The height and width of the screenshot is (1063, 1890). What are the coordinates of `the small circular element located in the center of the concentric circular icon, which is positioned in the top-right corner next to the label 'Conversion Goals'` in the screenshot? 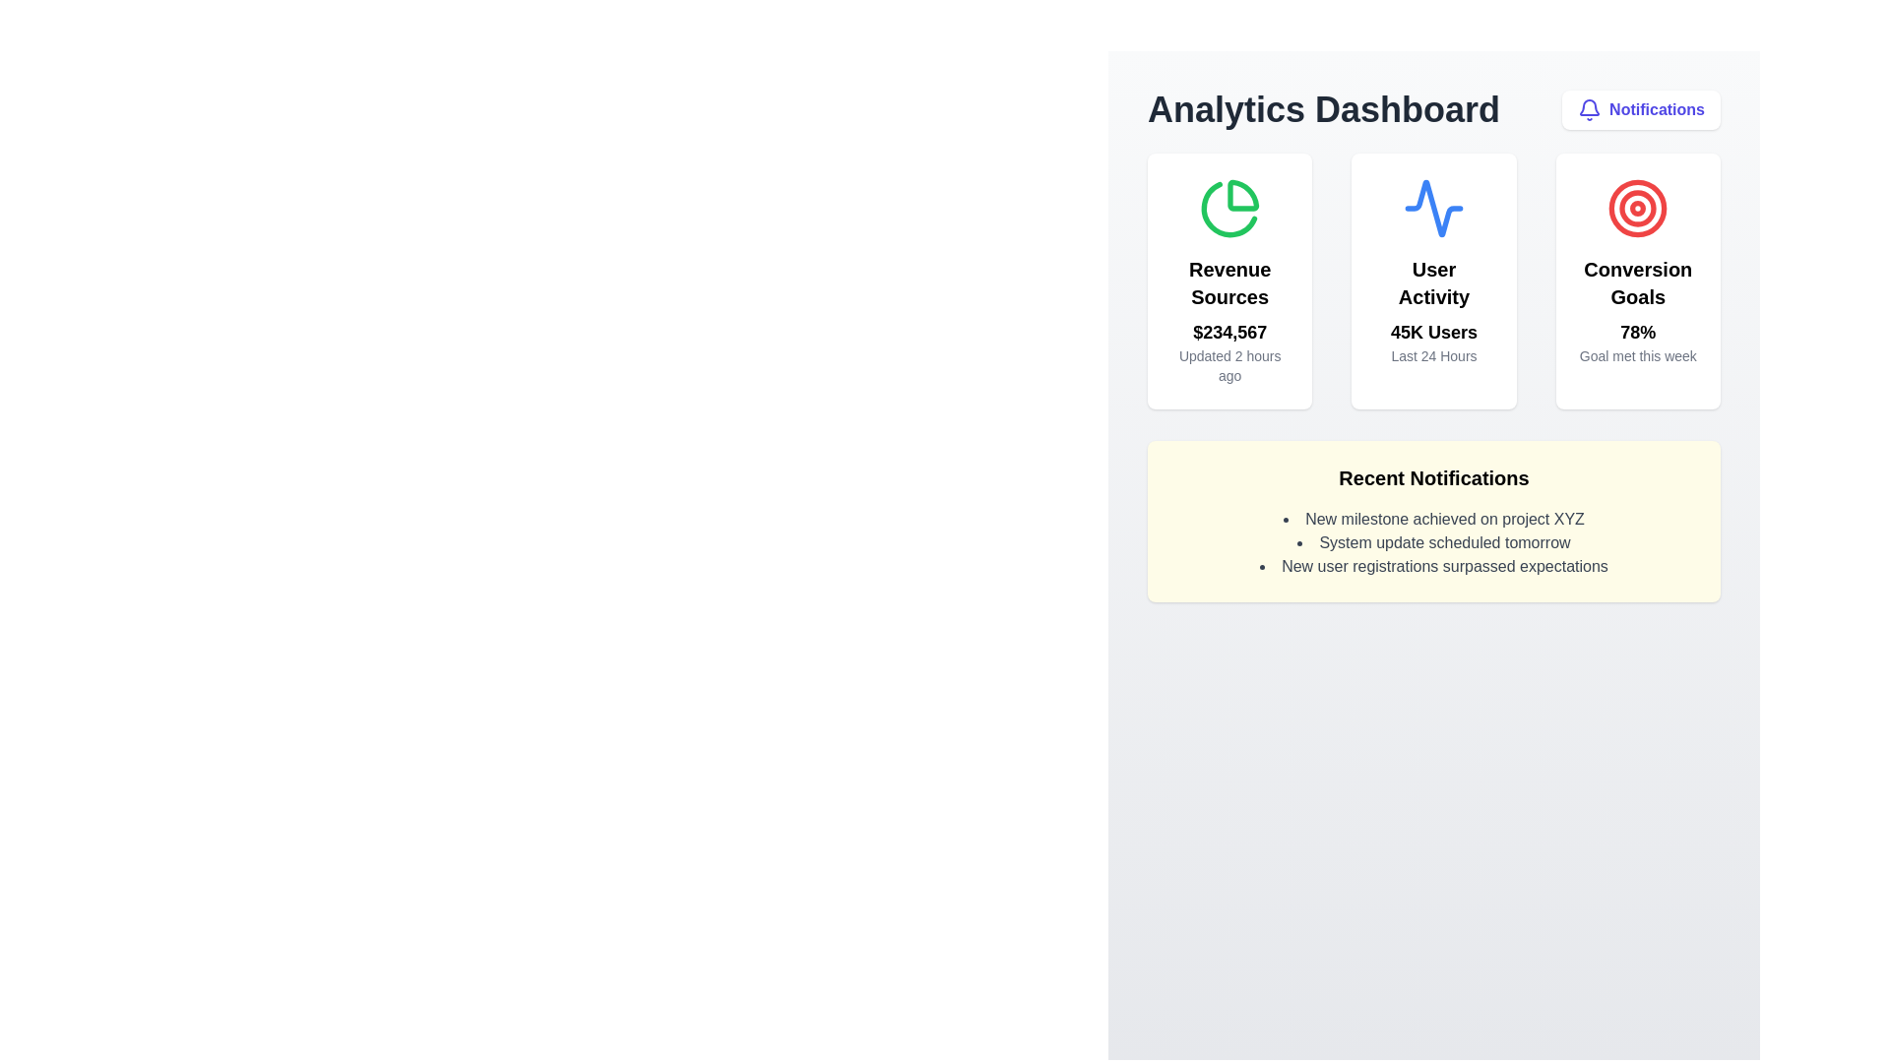 It's located at (1638, 209).